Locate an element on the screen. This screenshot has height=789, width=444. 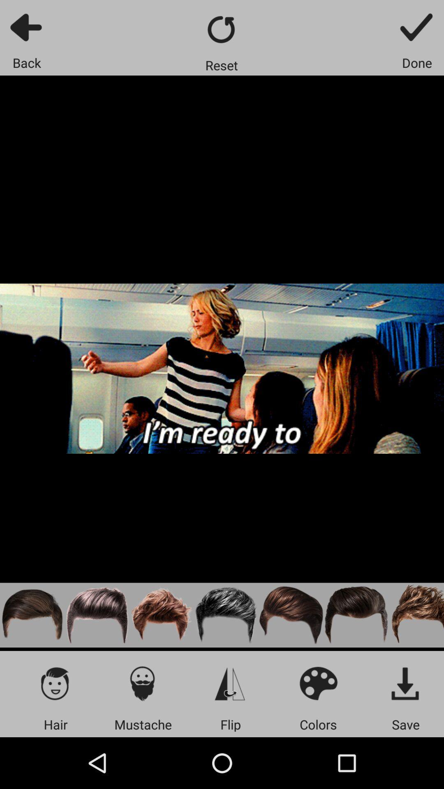
icon above the mustache app is located at coordinates (142, 683).